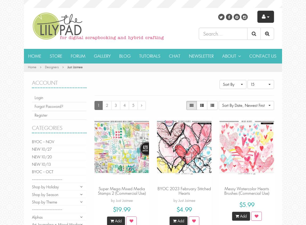 The height and width of the screenshot is (225, 306). What do you see at coordinates (41, 164) in the screenshot?
I see `'NEW 10/13'` at bounding box center [41, 164].